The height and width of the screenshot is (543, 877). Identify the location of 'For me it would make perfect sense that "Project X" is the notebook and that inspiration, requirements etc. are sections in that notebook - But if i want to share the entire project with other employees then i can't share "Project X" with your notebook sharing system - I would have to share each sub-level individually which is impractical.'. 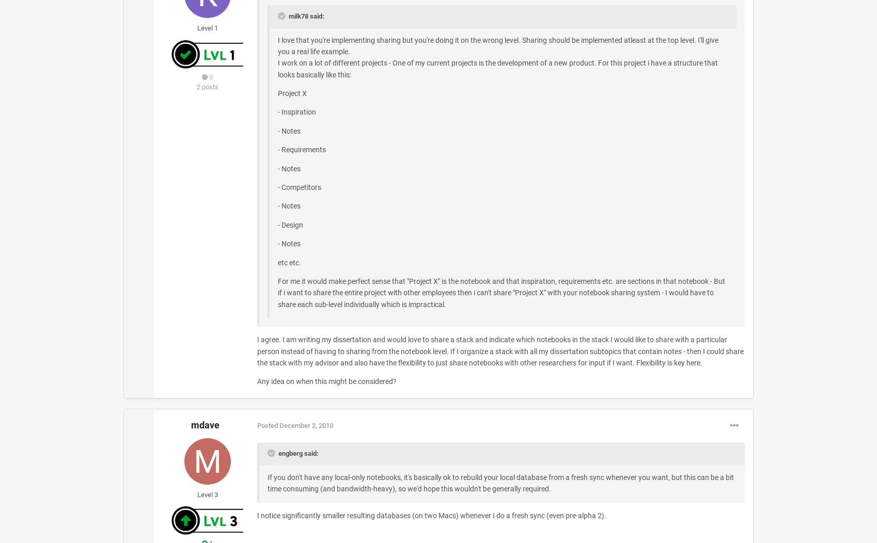
(500, 293).